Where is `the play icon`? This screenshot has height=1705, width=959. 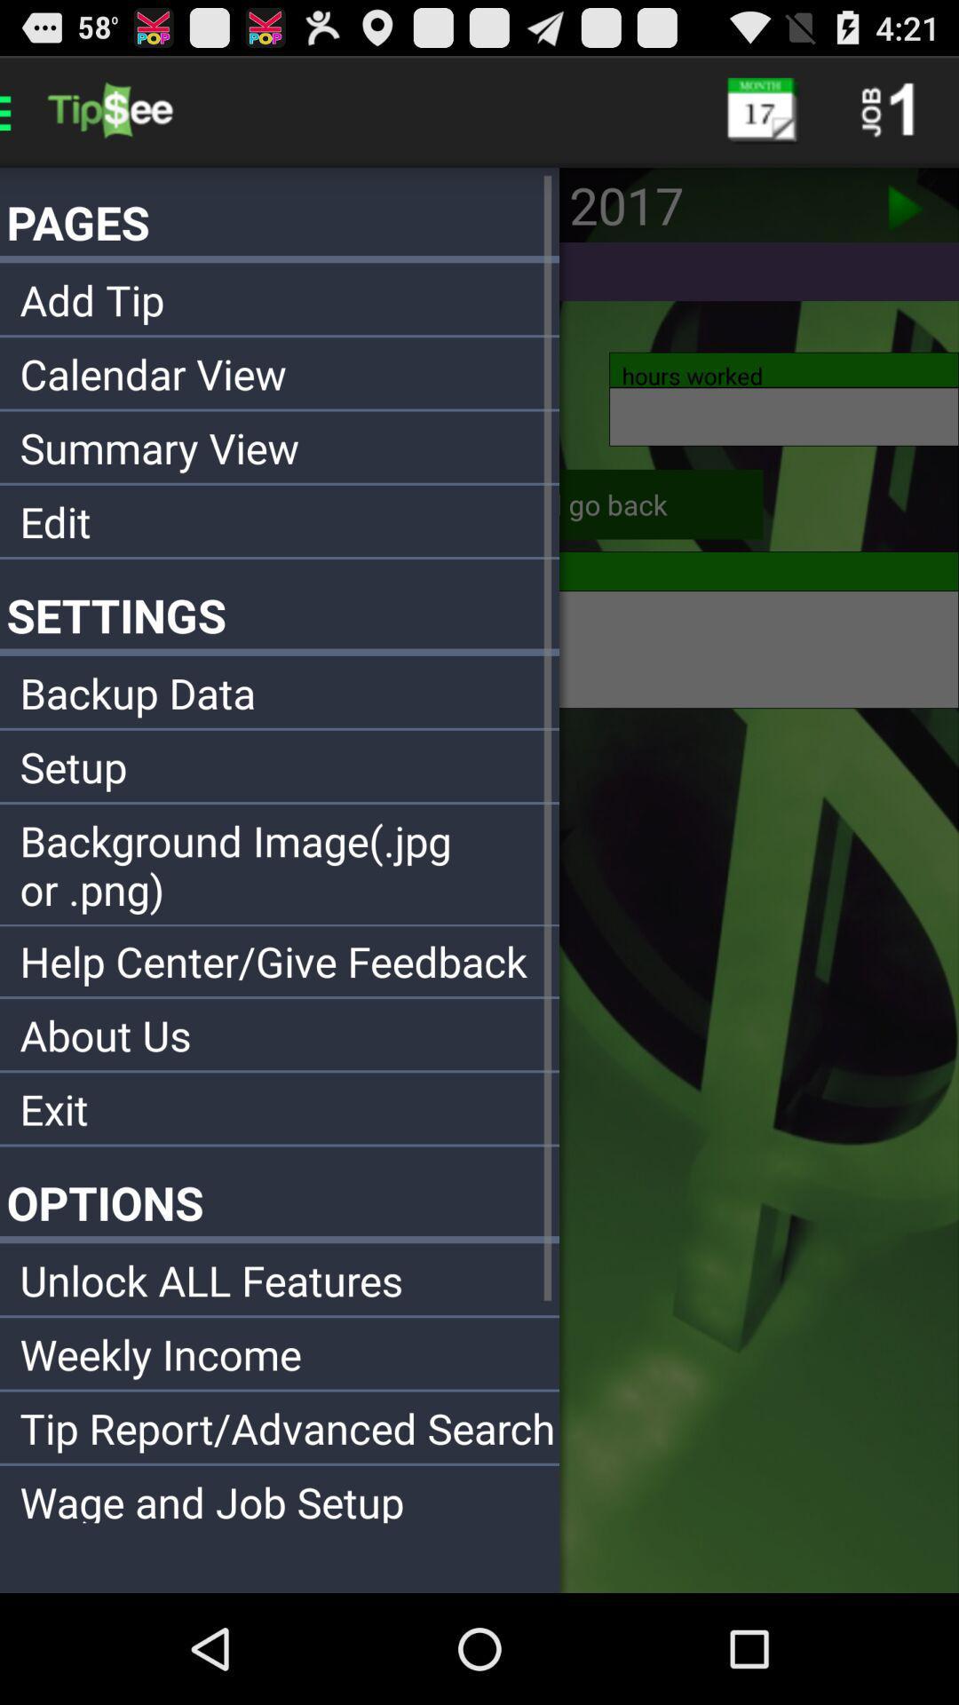
the play icon is located at coordinates (901, 218).